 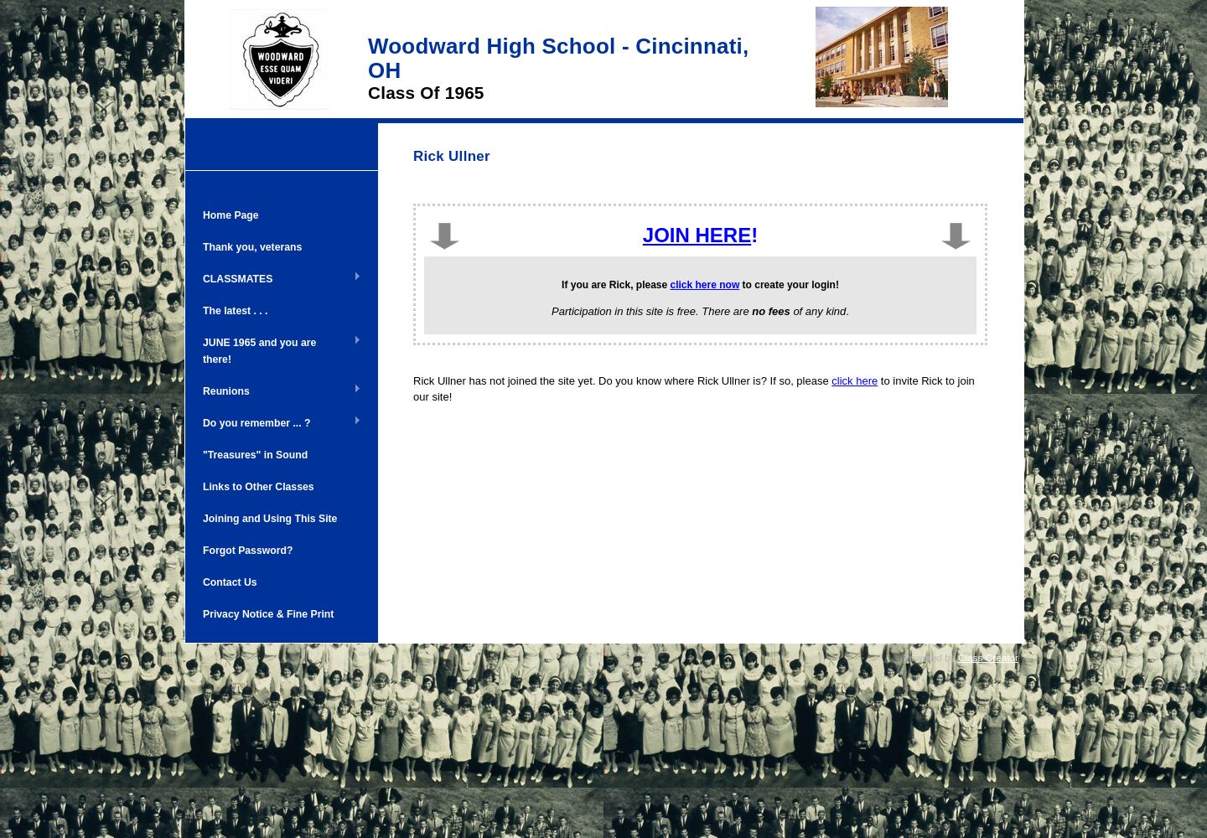 What do you see at coordinates (236, 277) in the screenshot?
I see `'CLASSMATES'` at bounding box center [236, 277].